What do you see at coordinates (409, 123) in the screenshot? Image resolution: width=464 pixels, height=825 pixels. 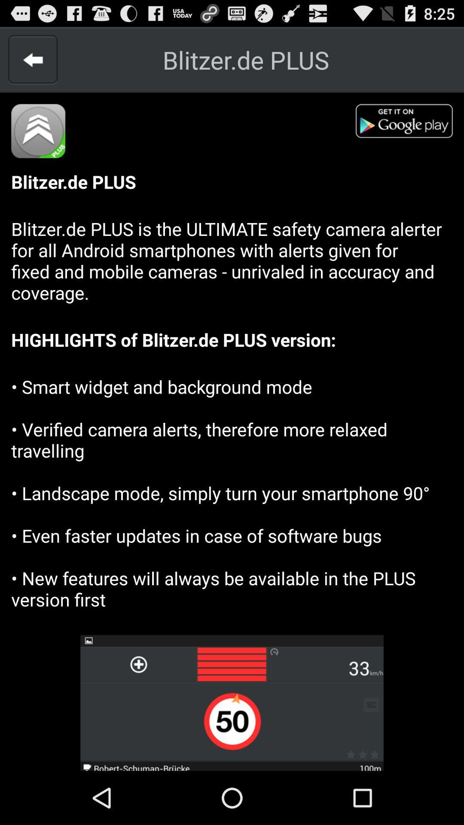 I see `google play` at bounding box center [409, 123].